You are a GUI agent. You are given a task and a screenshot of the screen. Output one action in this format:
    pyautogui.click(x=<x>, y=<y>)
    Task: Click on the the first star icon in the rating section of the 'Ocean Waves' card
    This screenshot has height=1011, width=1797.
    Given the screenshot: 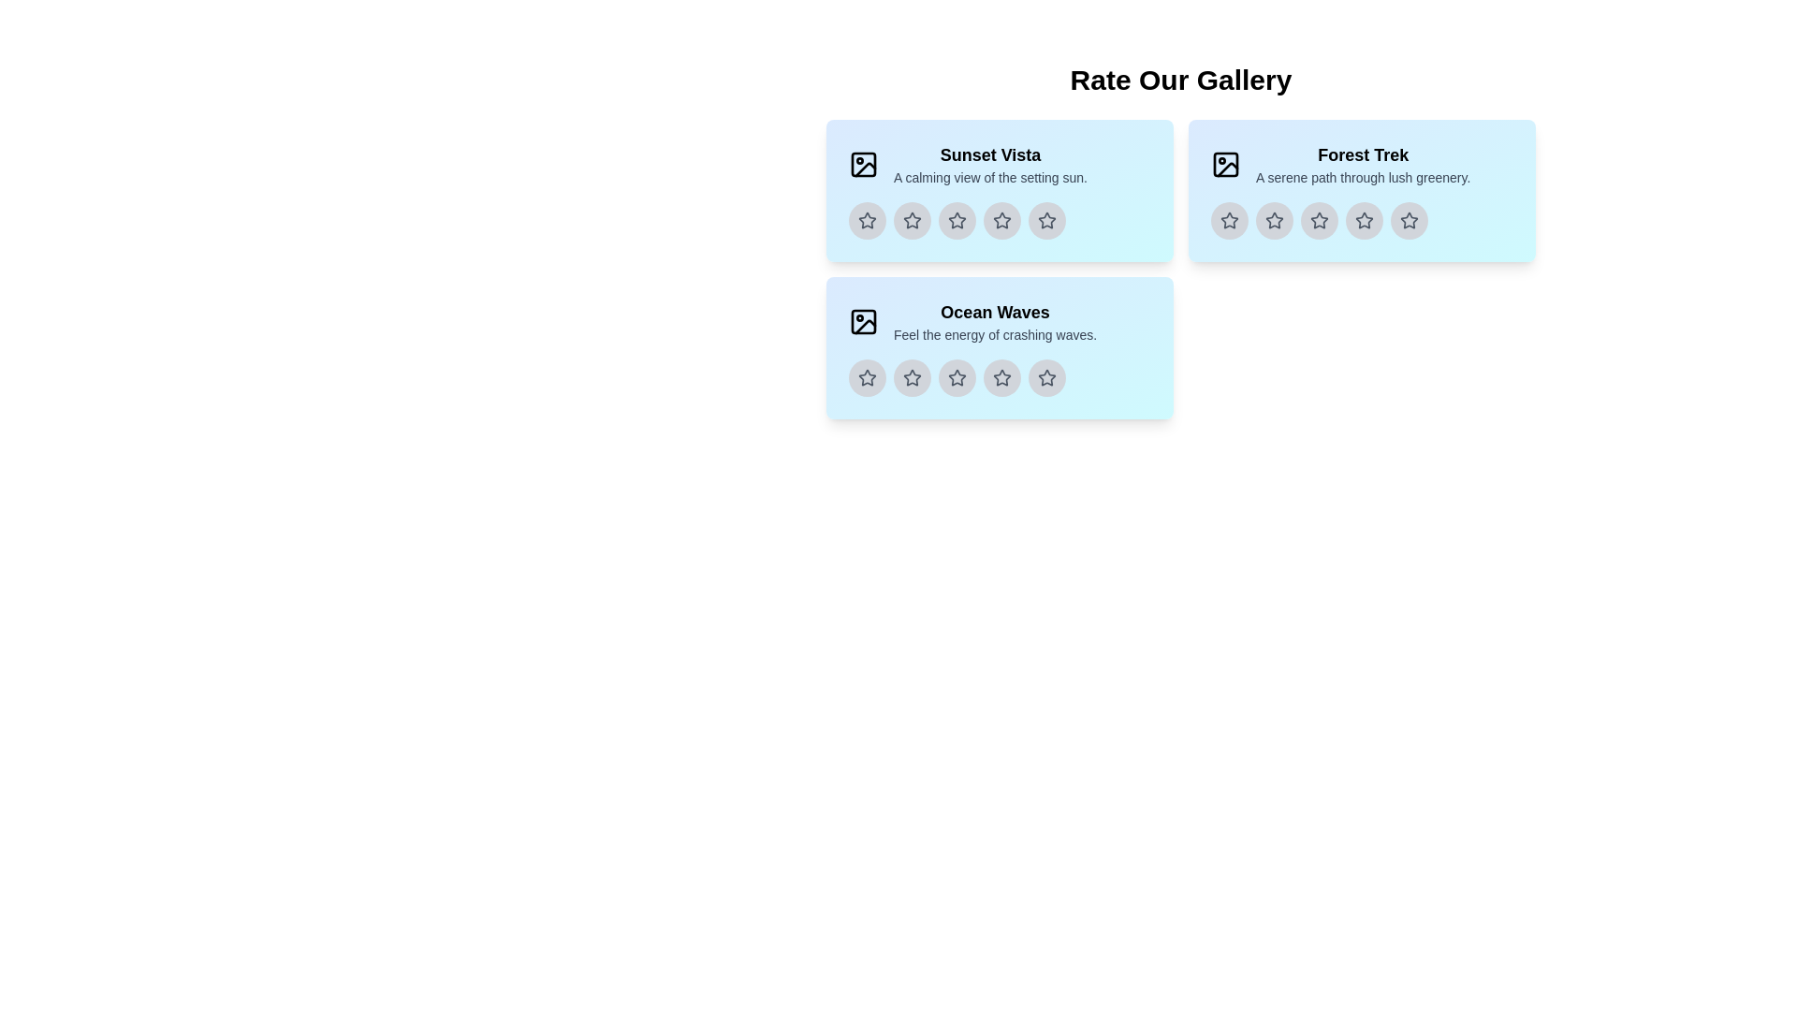 What is the action you would take?
    pyautogui.click(x=912, y=378)
    